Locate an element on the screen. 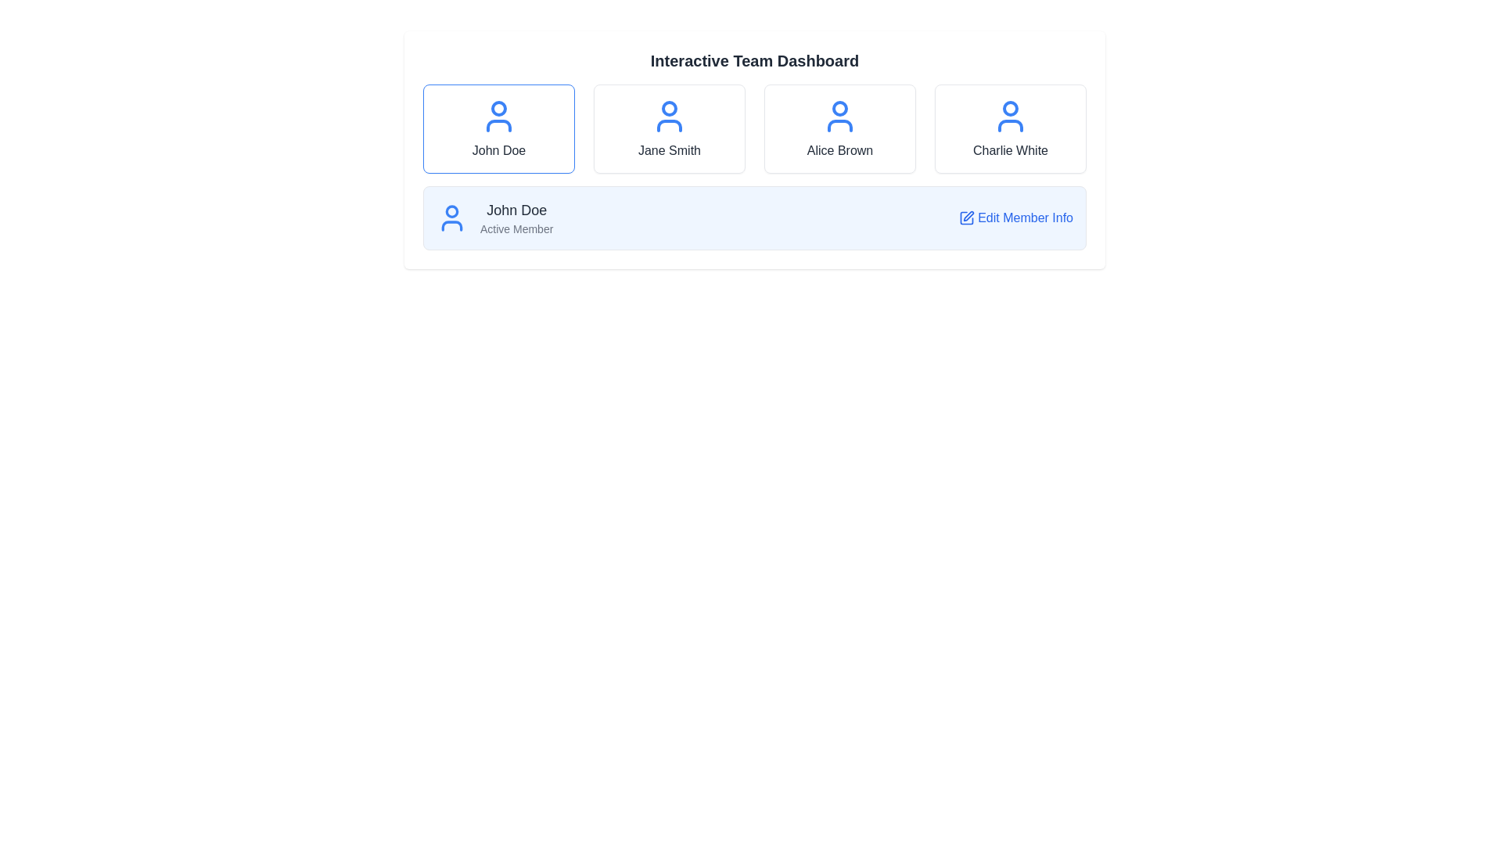 This screenshot has width=1502, height=845. the circular user icon representing 'Jane Smith' located within the second card of the team dashboard interface is located at coordinates (669, 107).